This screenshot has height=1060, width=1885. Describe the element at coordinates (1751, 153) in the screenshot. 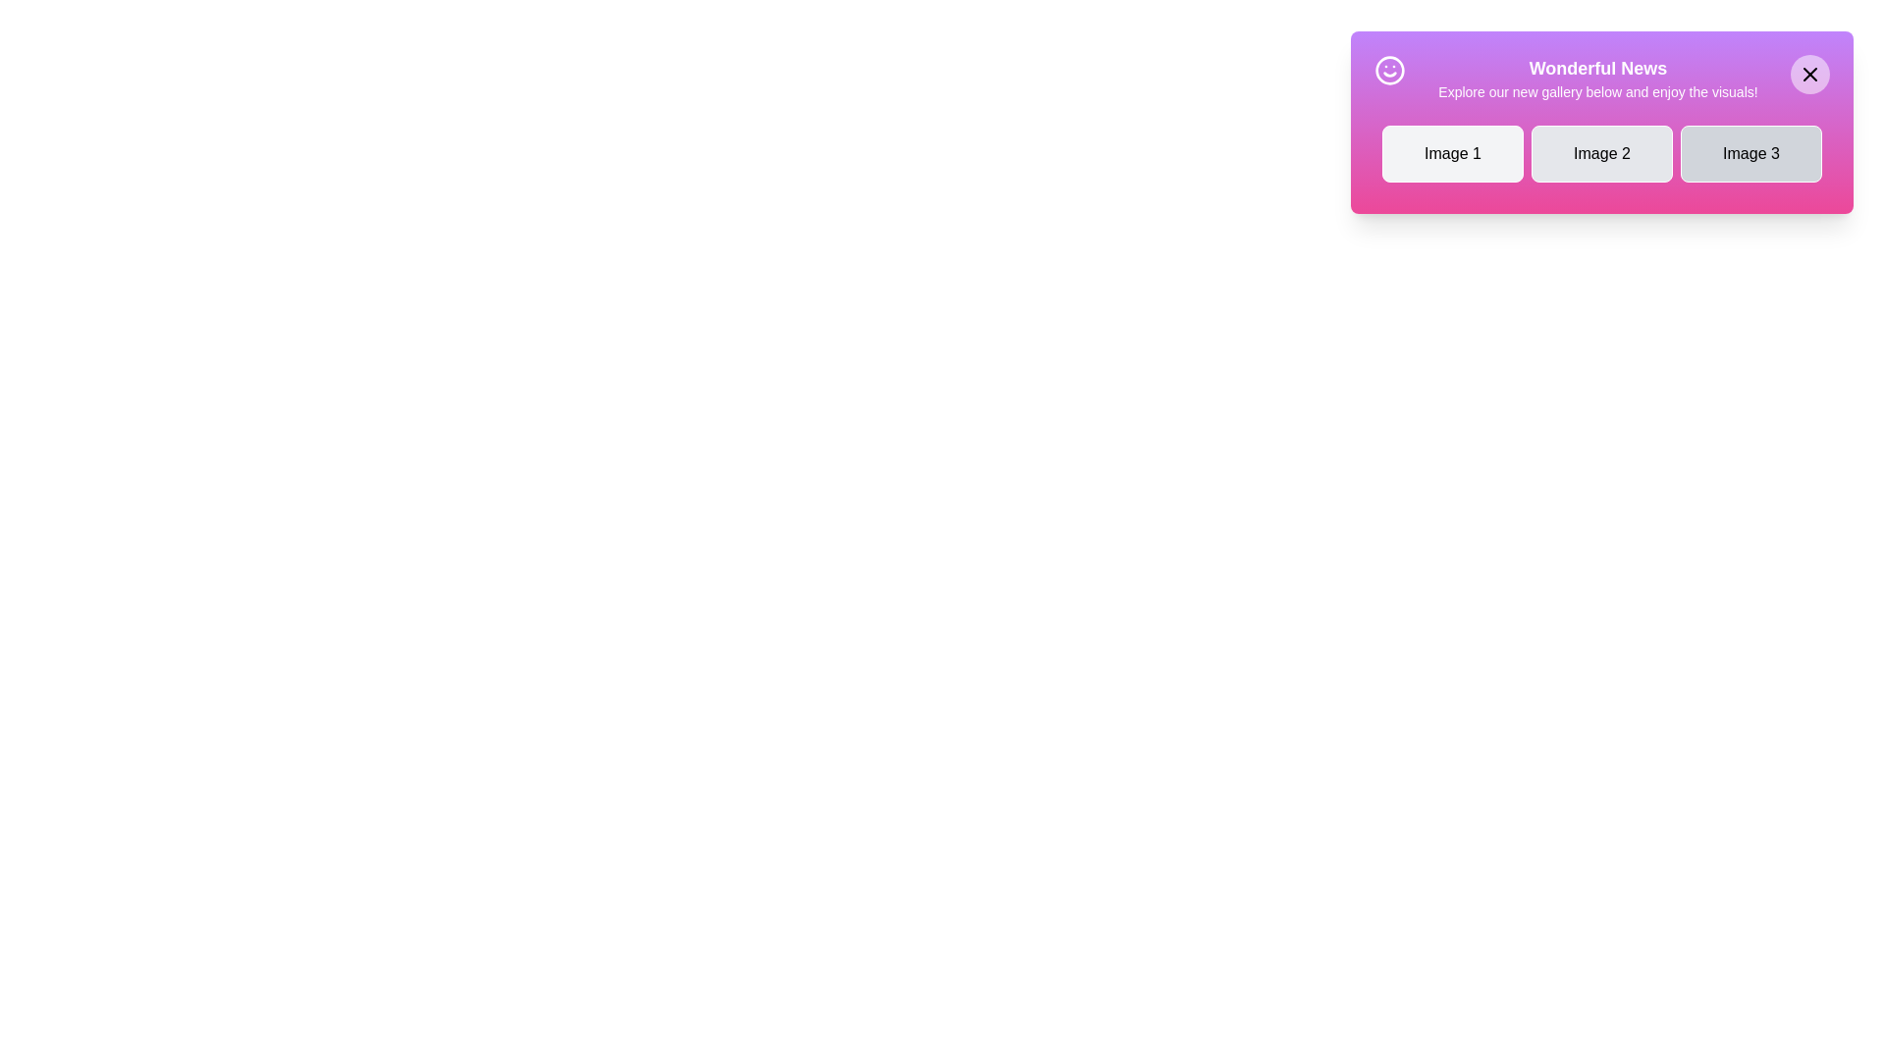

I see `the gallery item labeled Image 3` at that location.